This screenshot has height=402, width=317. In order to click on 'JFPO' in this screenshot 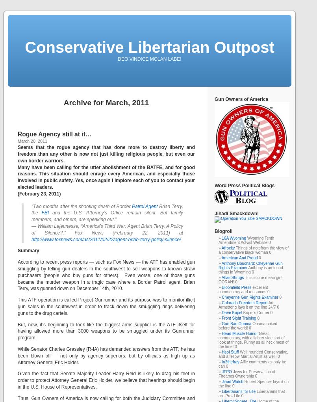, I will do `click(221, 371)`.